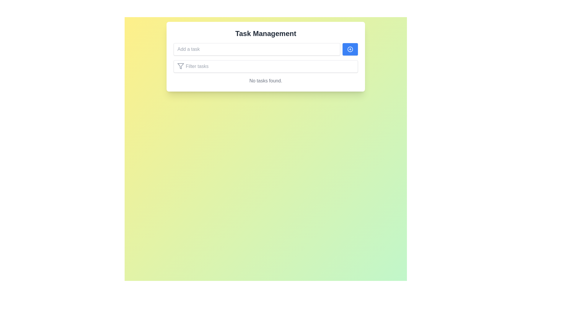 This screenshot has height=319, width=567. Describe the element at coordinates (265, 81) in the screenshot. I see `the static text component that informs users of an empty task list in the 'Task Management' section, located below the filter tasks field` at that location.